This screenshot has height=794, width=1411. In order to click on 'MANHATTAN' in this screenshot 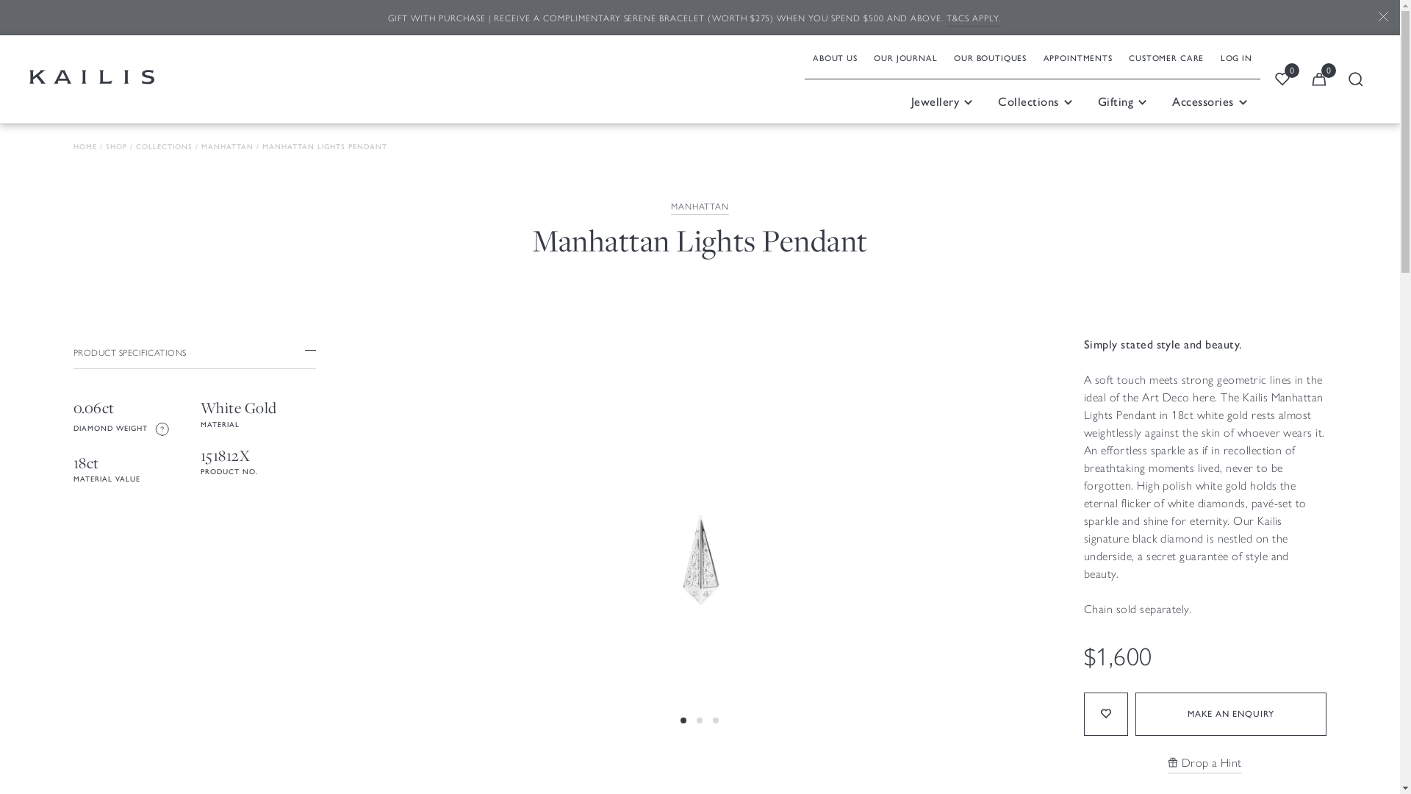, I will do `click(669, 207)`.